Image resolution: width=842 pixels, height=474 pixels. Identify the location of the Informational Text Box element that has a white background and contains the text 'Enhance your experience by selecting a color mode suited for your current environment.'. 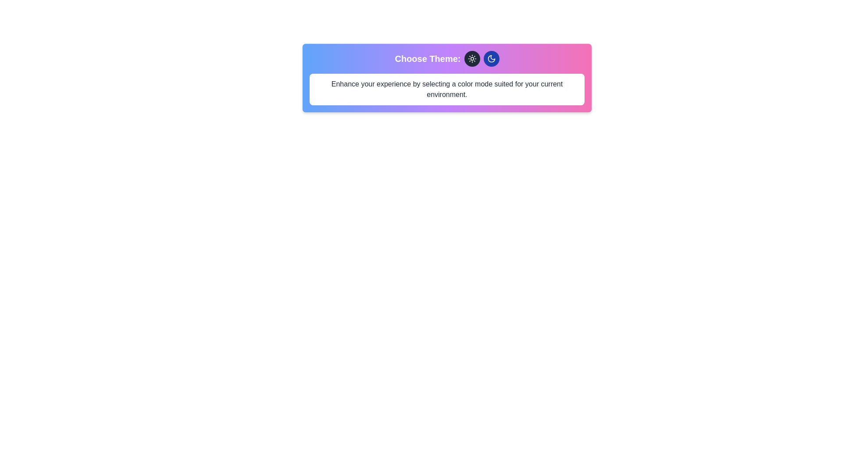
(447, 90).